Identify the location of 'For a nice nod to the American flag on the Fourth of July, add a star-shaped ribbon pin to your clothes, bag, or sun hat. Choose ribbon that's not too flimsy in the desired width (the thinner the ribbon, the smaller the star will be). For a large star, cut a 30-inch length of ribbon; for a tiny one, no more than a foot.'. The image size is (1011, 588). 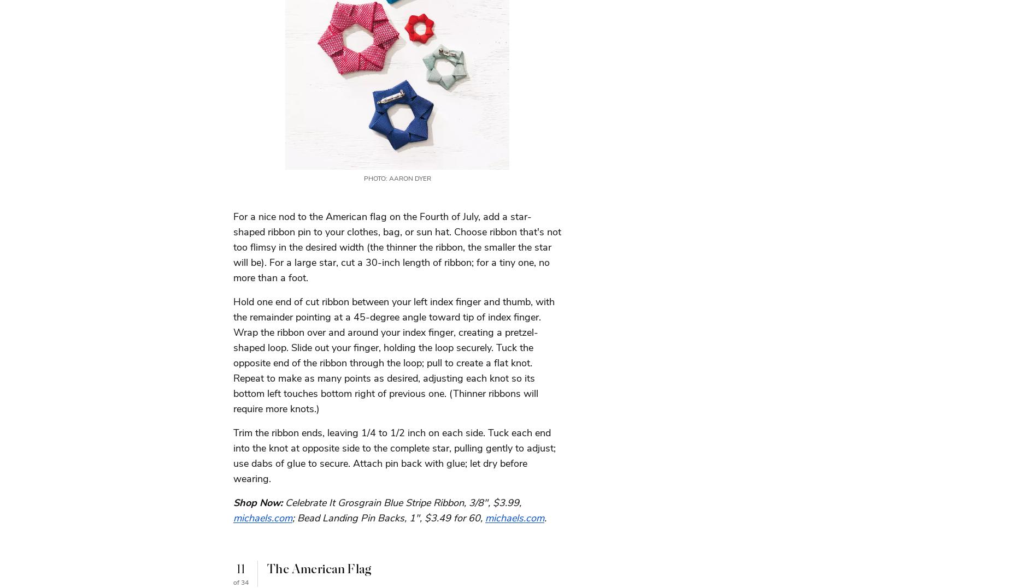
(397, 246).